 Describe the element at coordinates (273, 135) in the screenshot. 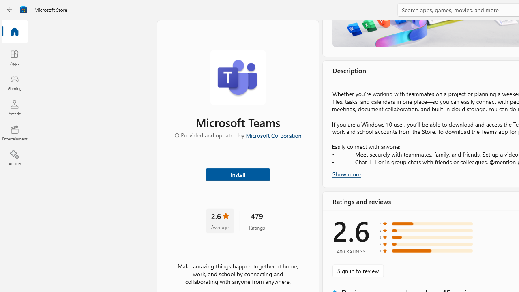

I see `'Microsoft Corporation'` at that location.